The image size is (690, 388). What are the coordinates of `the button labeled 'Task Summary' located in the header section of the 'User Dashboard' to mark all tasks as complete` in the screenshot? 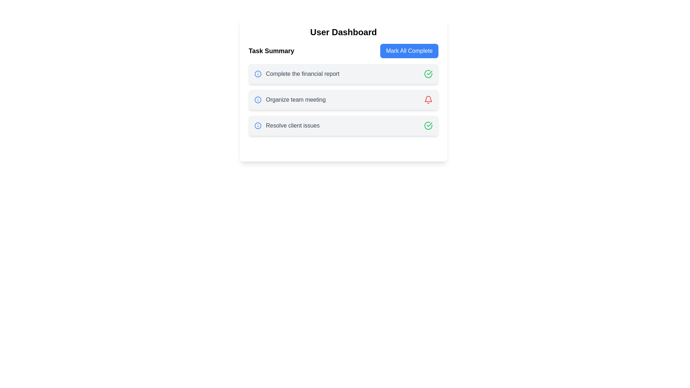 It's located at (409, 51).